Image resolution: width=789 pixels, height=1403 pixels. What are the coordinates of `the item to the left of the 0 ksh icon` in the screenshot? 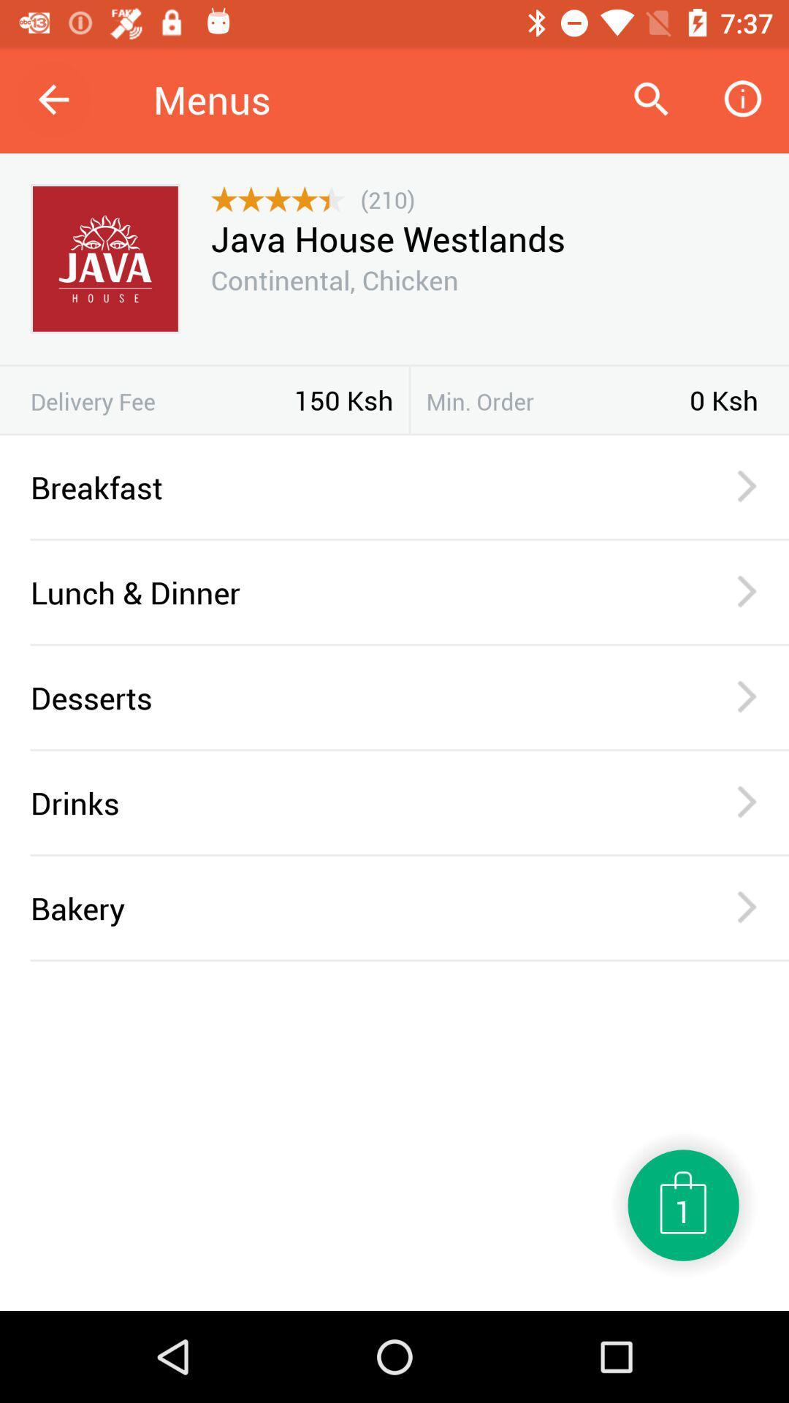 It's located at (557, 401).